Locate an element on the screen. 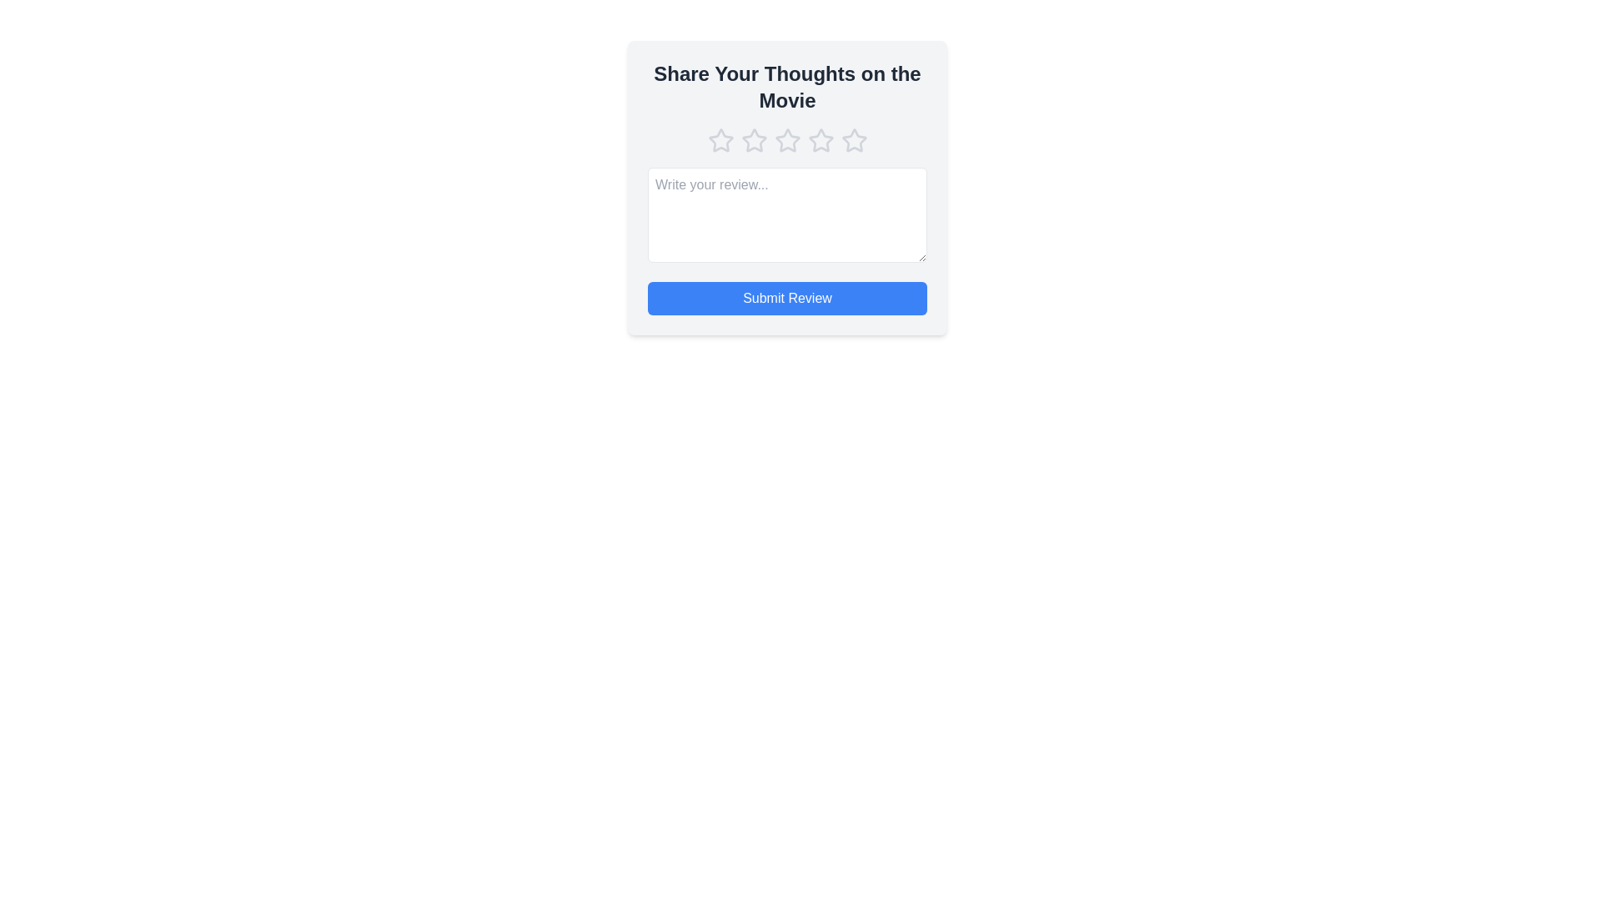 This screenshot has height=901, width=1601. the second star icon in the rating input interface is located at coordinates (753, 140).